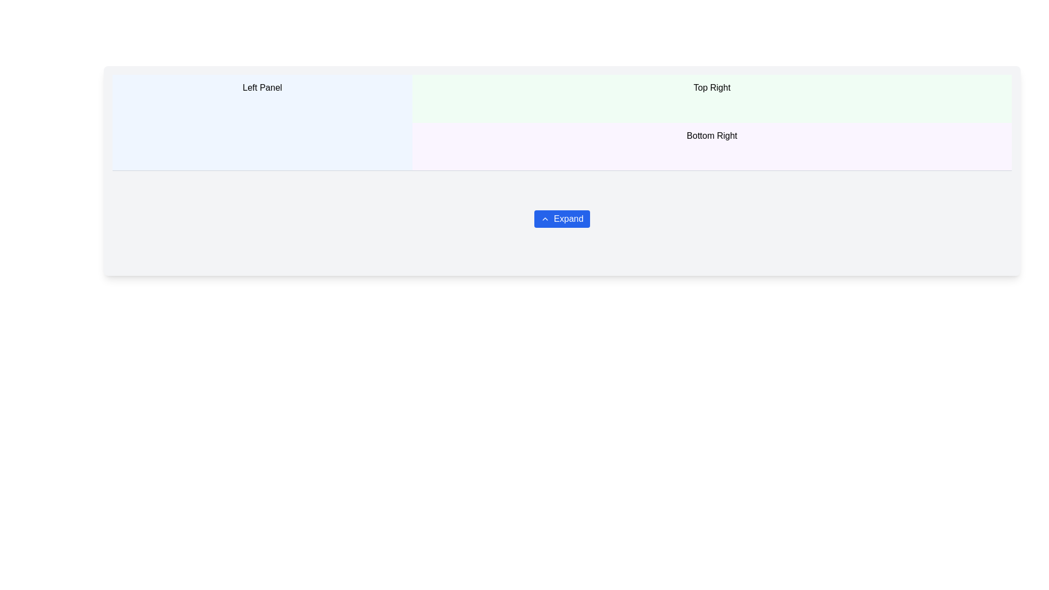 Image resolution: width=1049 pixels, height=590 pixels. What do you see at coordinates (545, 219) in the screenshot?
I see `the upward-pointing chevron icon located inside the blue rectangular 'Expand' button to interact with it` at bounding box center [545, 219].